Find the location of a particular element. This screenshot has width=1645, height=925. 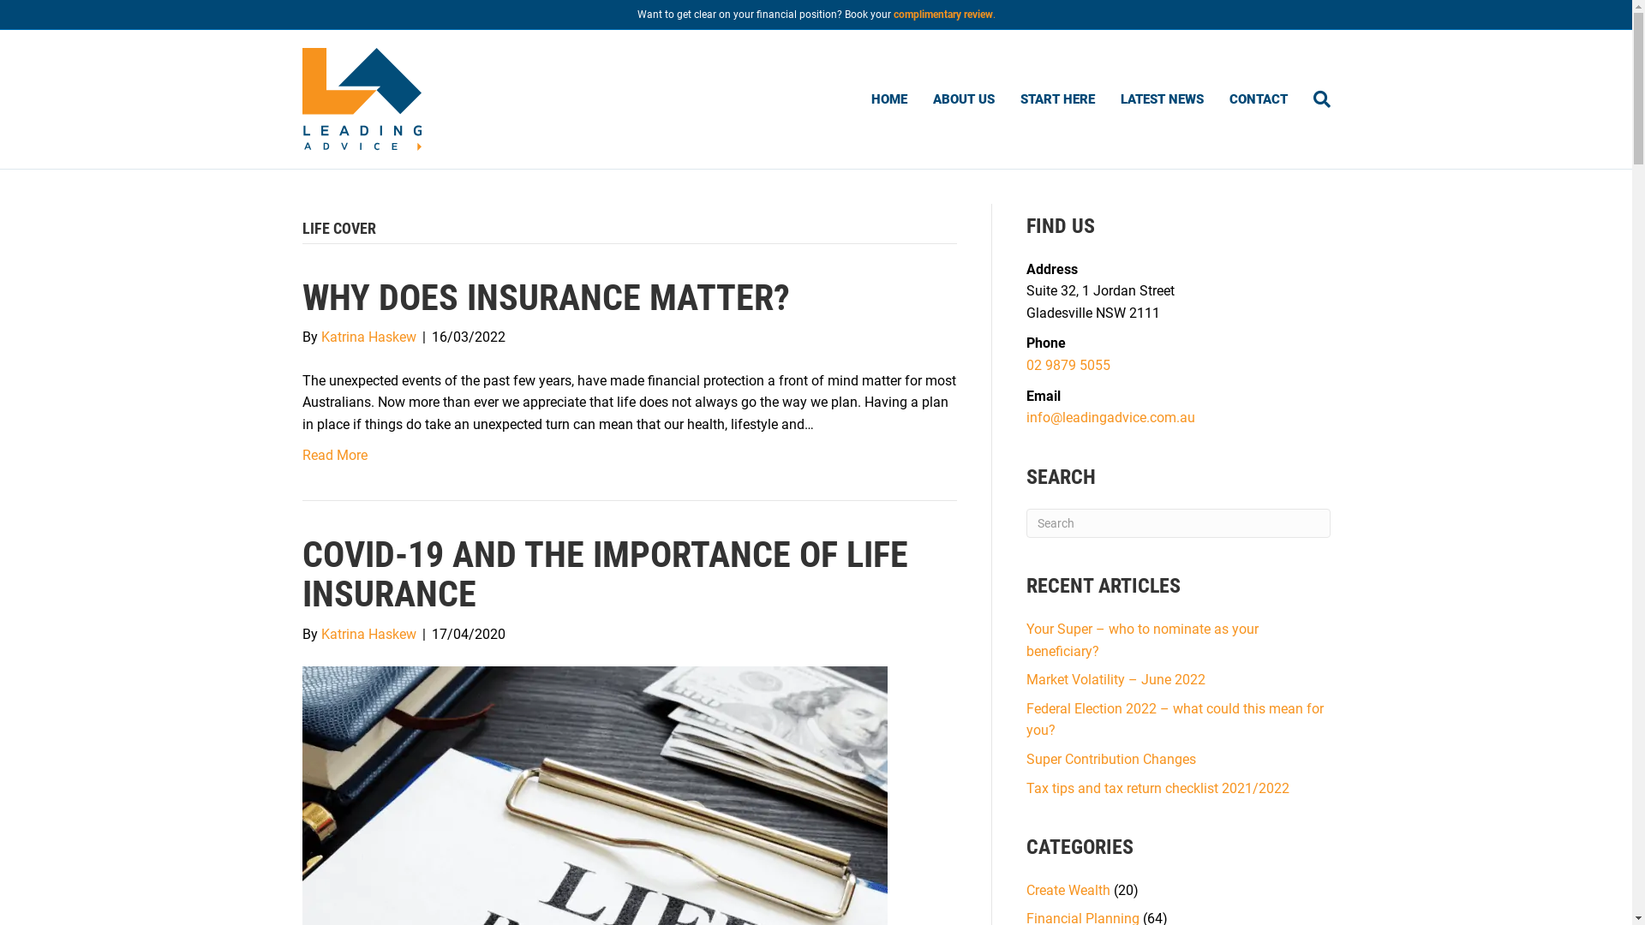

'info@leadingadvice.com.au' is located at coordinates (1026, 417).